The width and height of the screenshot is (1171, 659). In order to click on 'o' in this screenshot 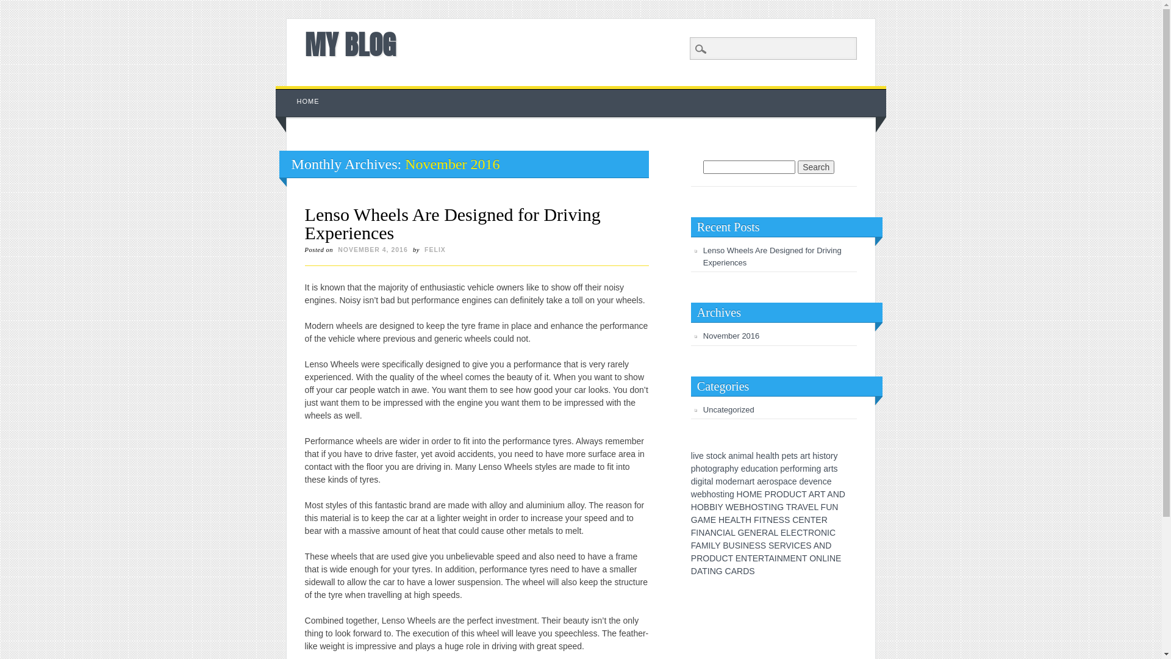, I will do `click(715, 456)`.